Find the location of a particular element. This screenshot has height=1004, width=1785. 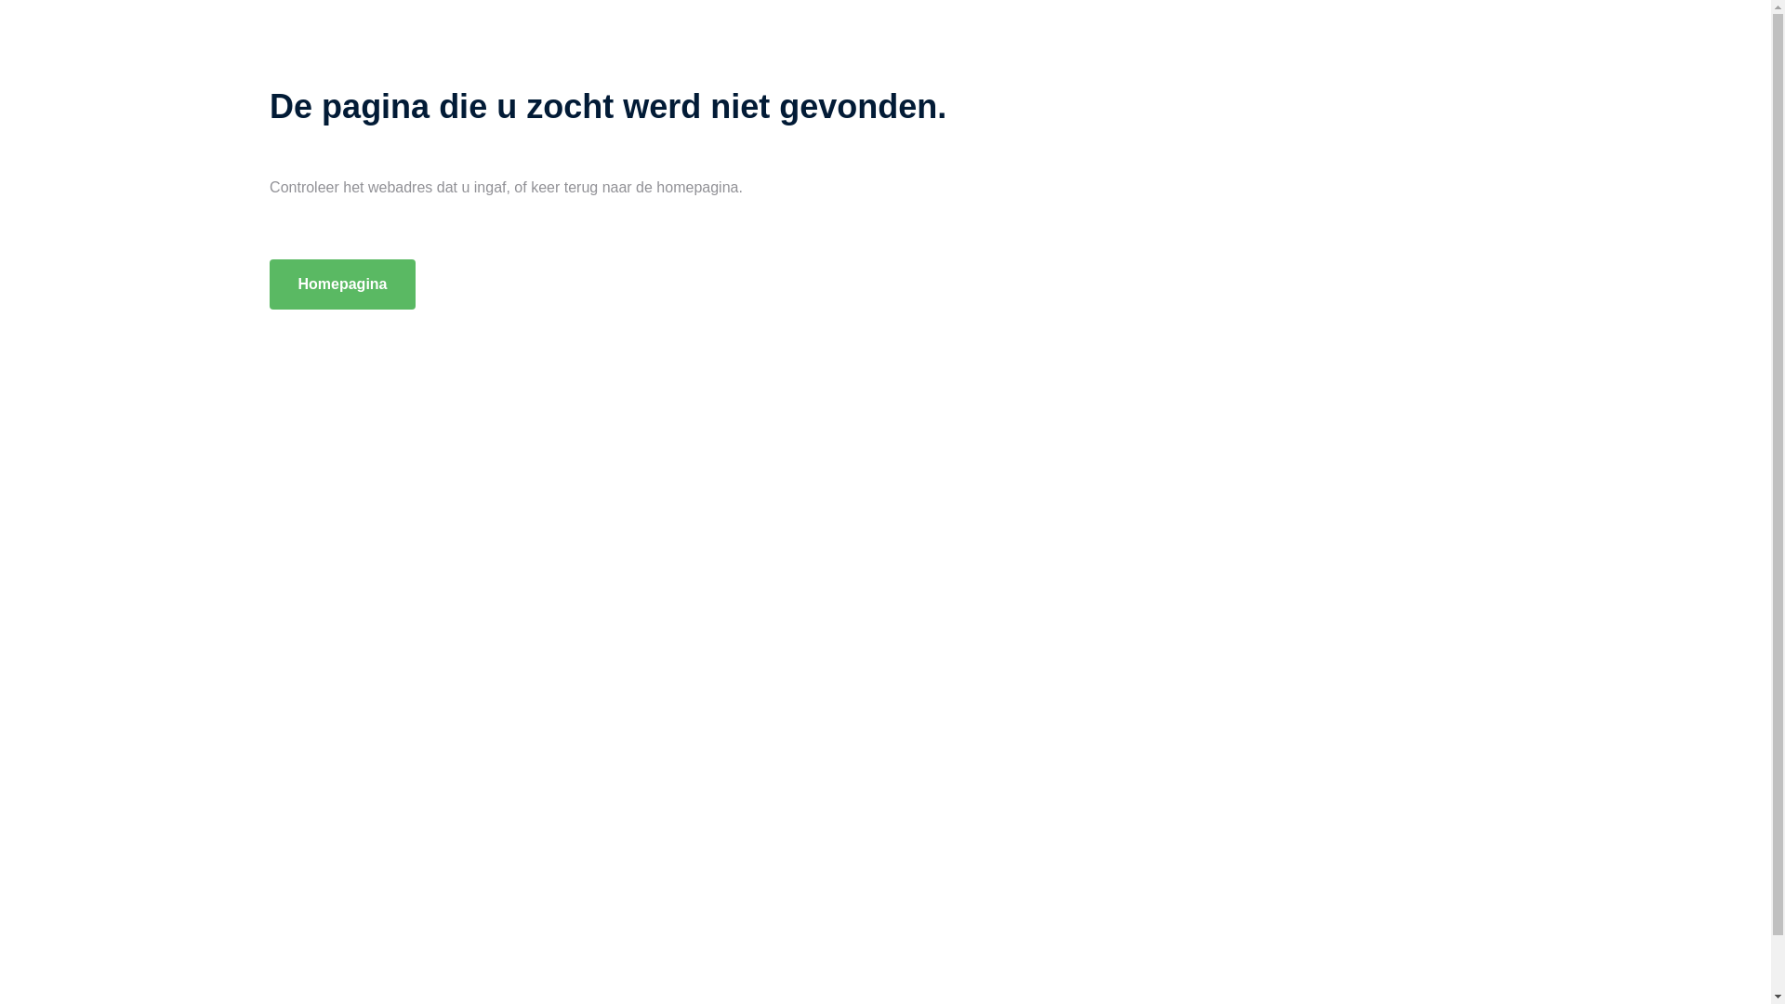

'Homepagina' is located at coordinates (268, 284).